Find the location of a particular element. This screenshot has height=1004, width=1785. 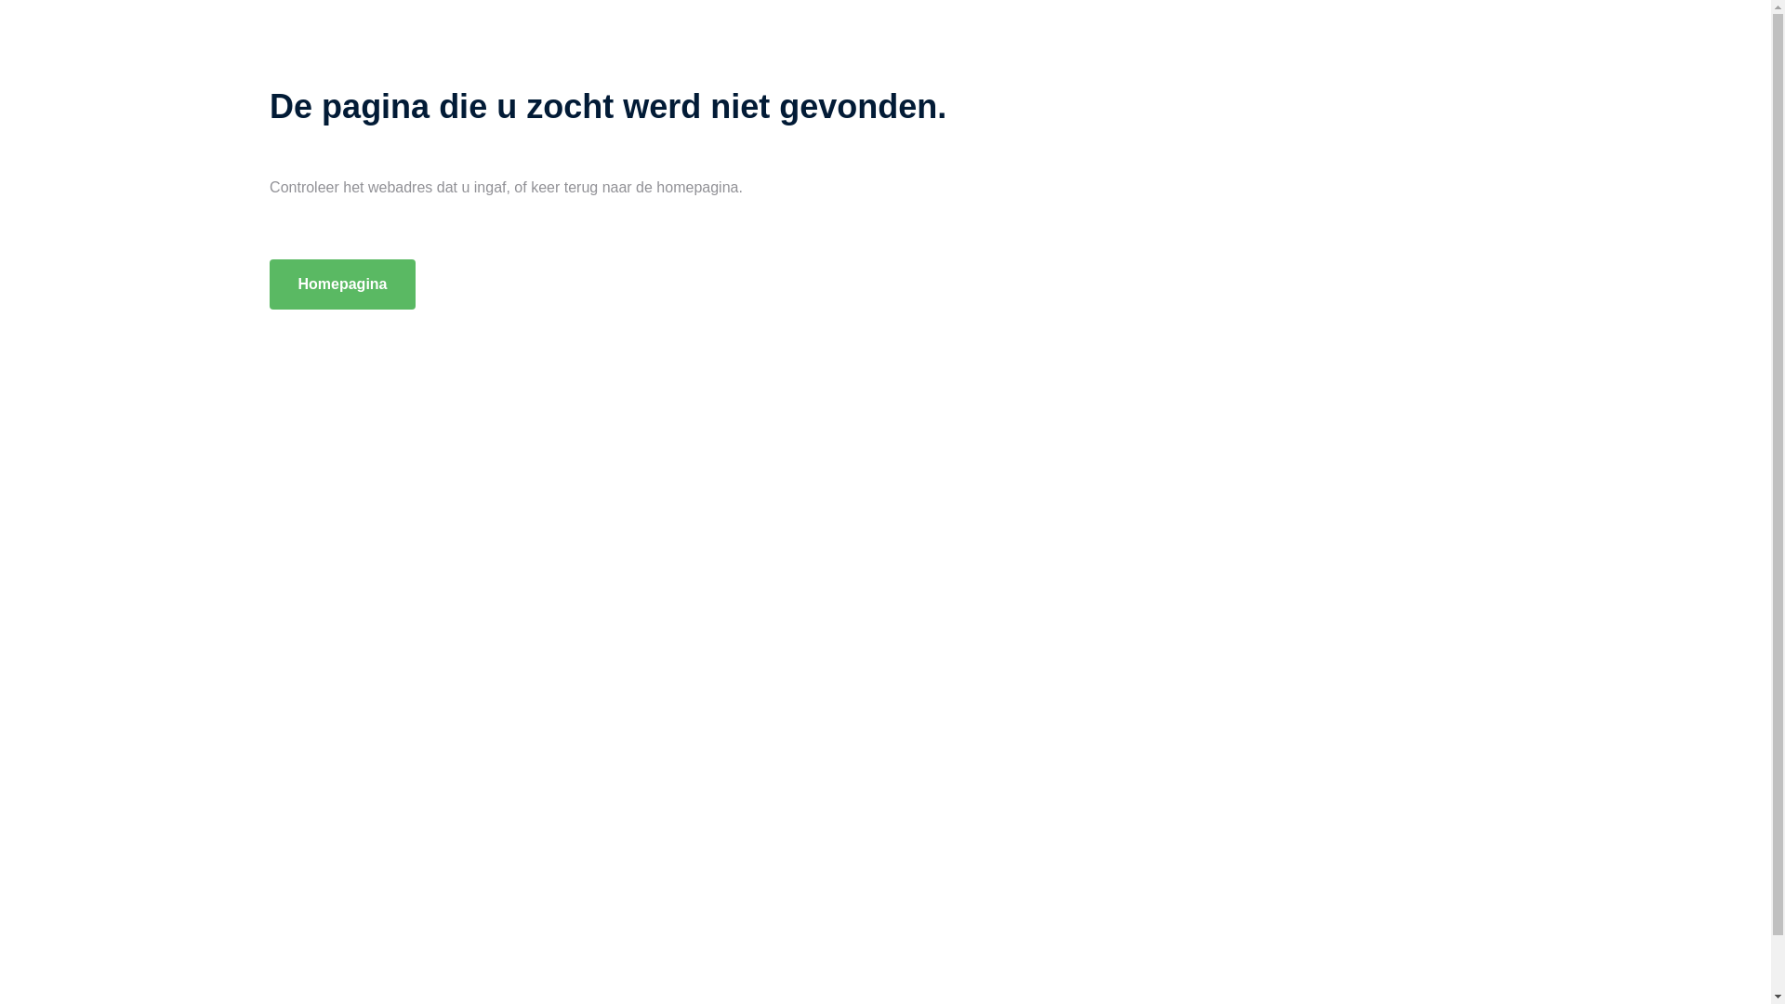

'Homepagina' is located at coordinates (268, 284).